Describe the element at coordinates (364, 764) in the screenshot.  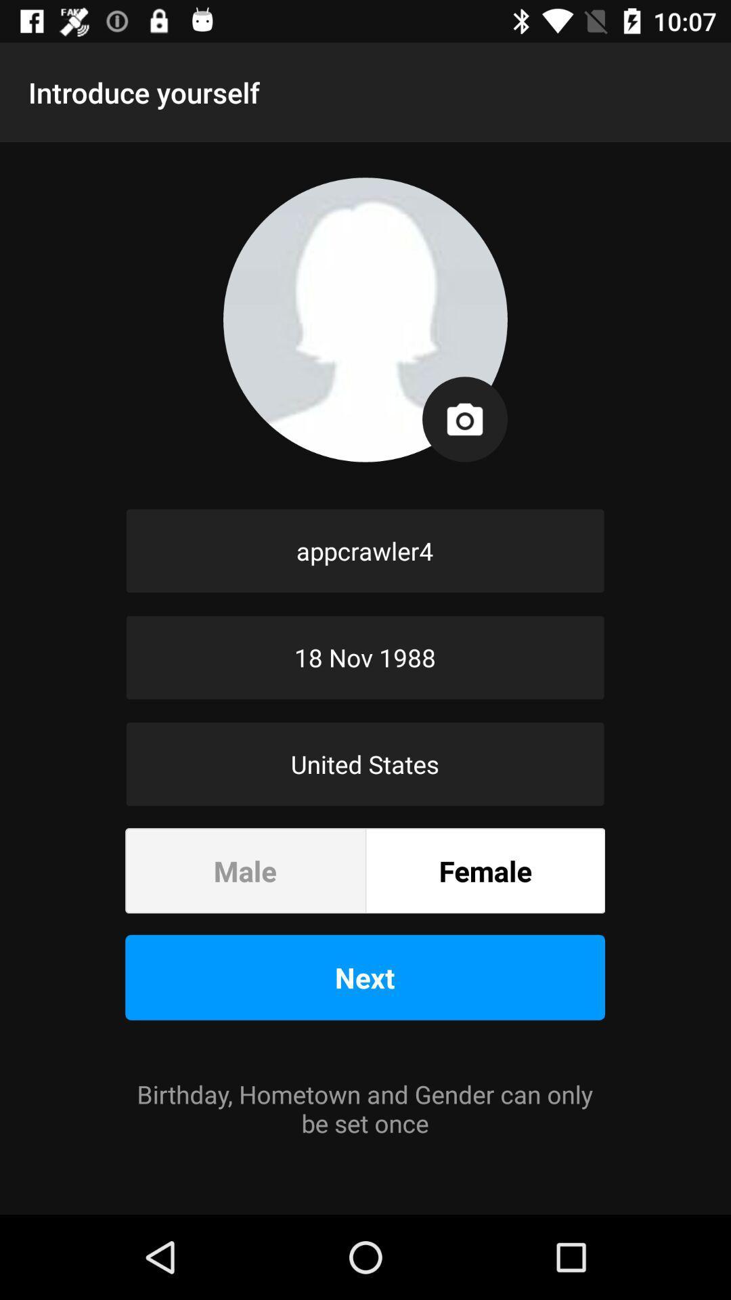
I see `item above the male icon` at that location.